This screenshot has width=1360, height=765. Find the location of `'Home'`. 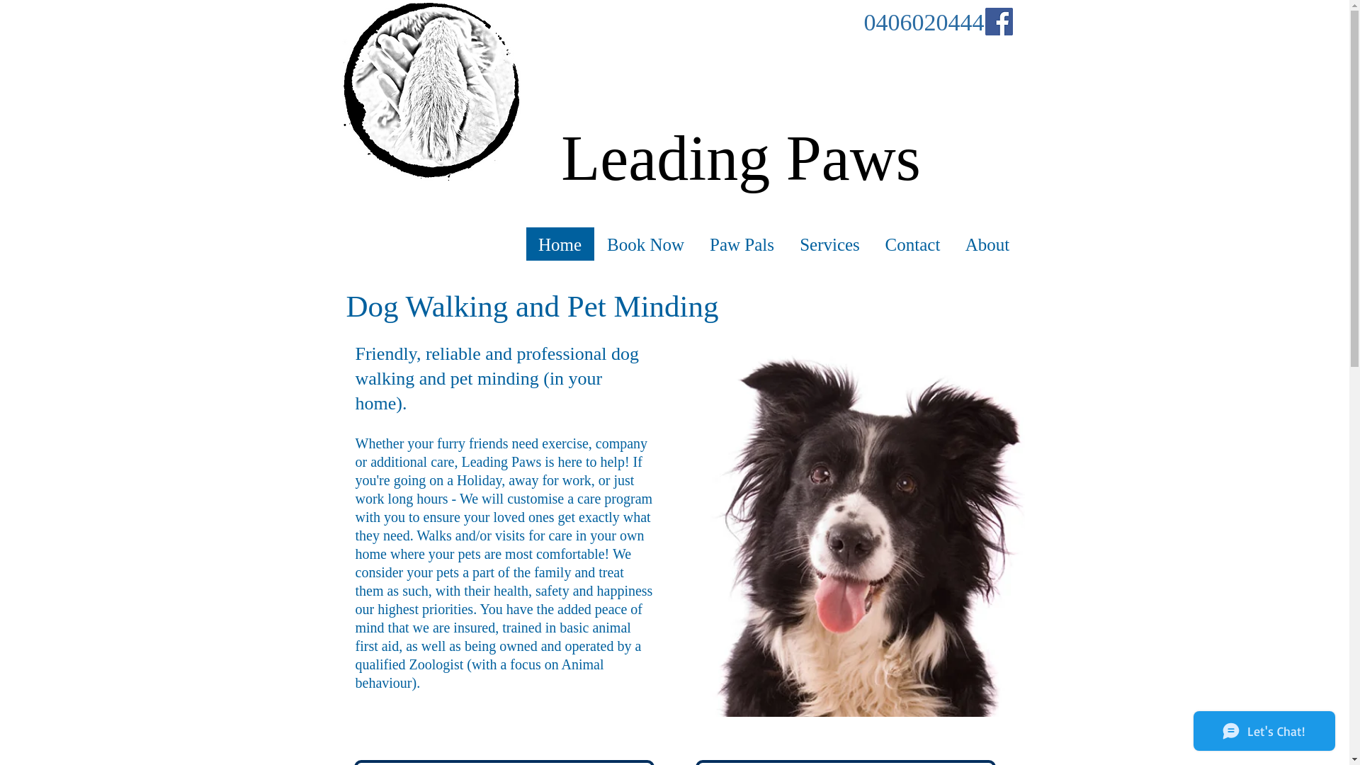

'Home' is located at coordinates (559, 244).